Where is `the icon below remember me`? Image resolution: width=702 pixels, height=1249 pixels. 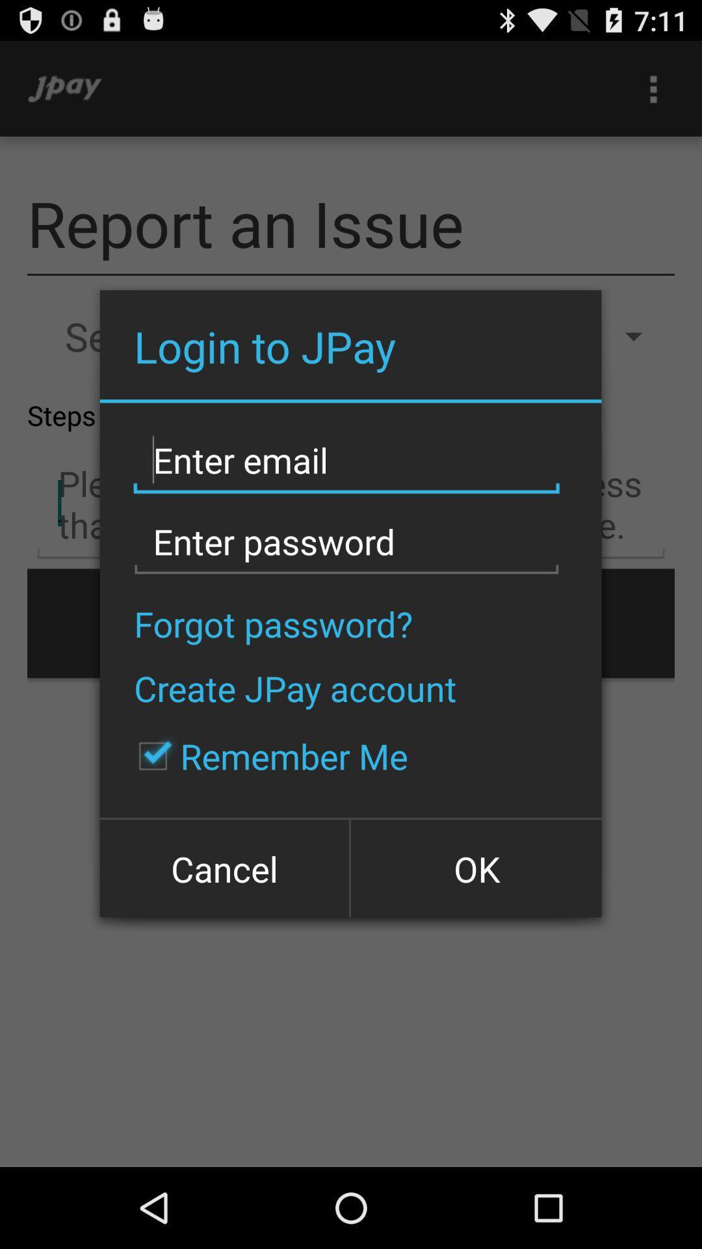 the icon below remember me is located at coordinates (225, 867).